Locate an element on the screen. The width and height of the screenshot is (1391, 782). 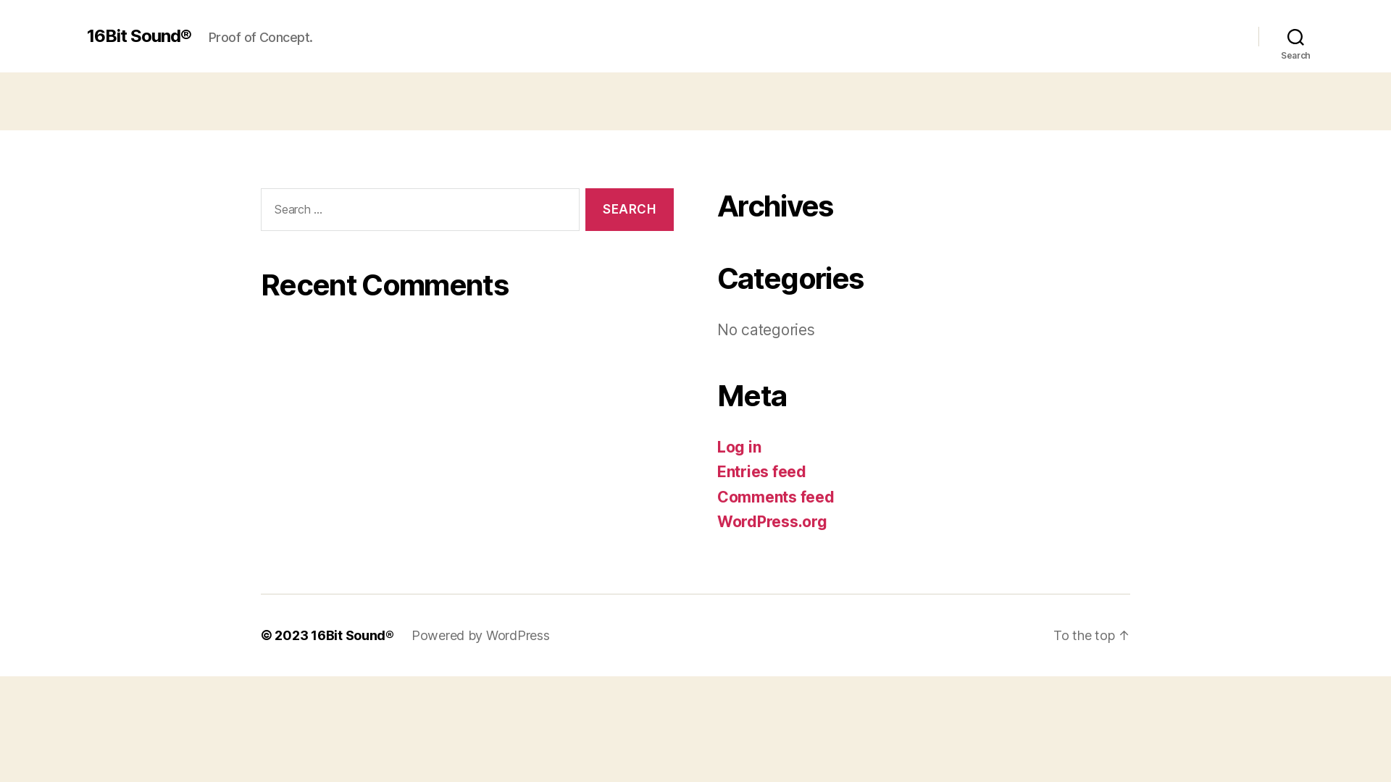
'Powered by WordPress' is located at coordinates (480, 634).